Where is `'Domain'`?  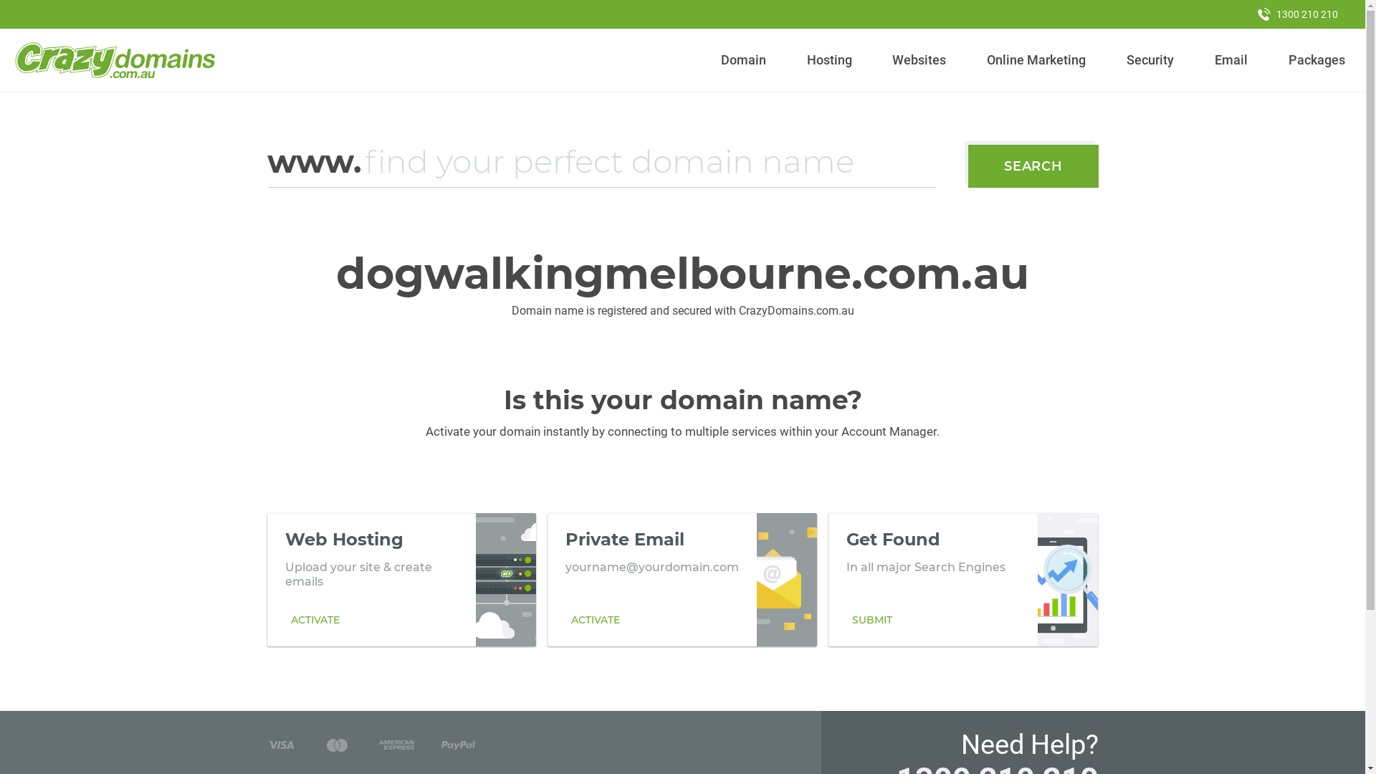 'Domain' is located at coordinates (715, 59).